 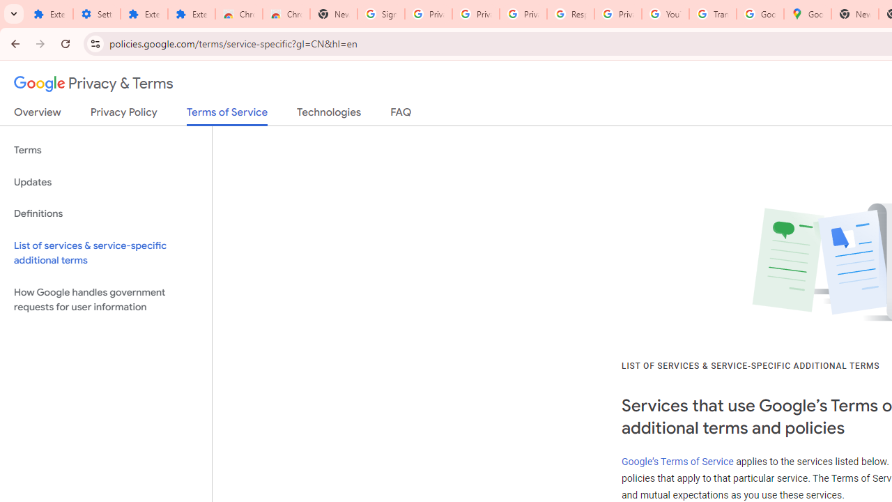 I want to click on 'Chrome Web Store', so click(x=239, y=14).